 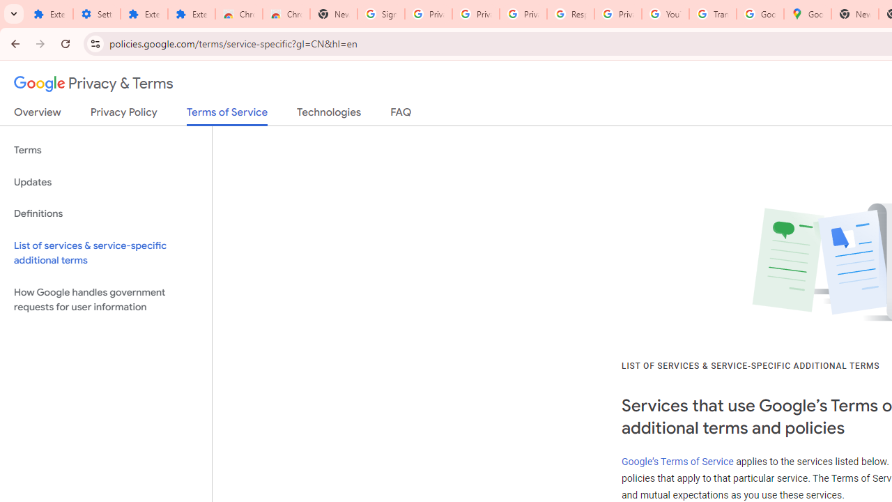 I want to click on 'Chrome Web Store', so click(x=239, y=14).